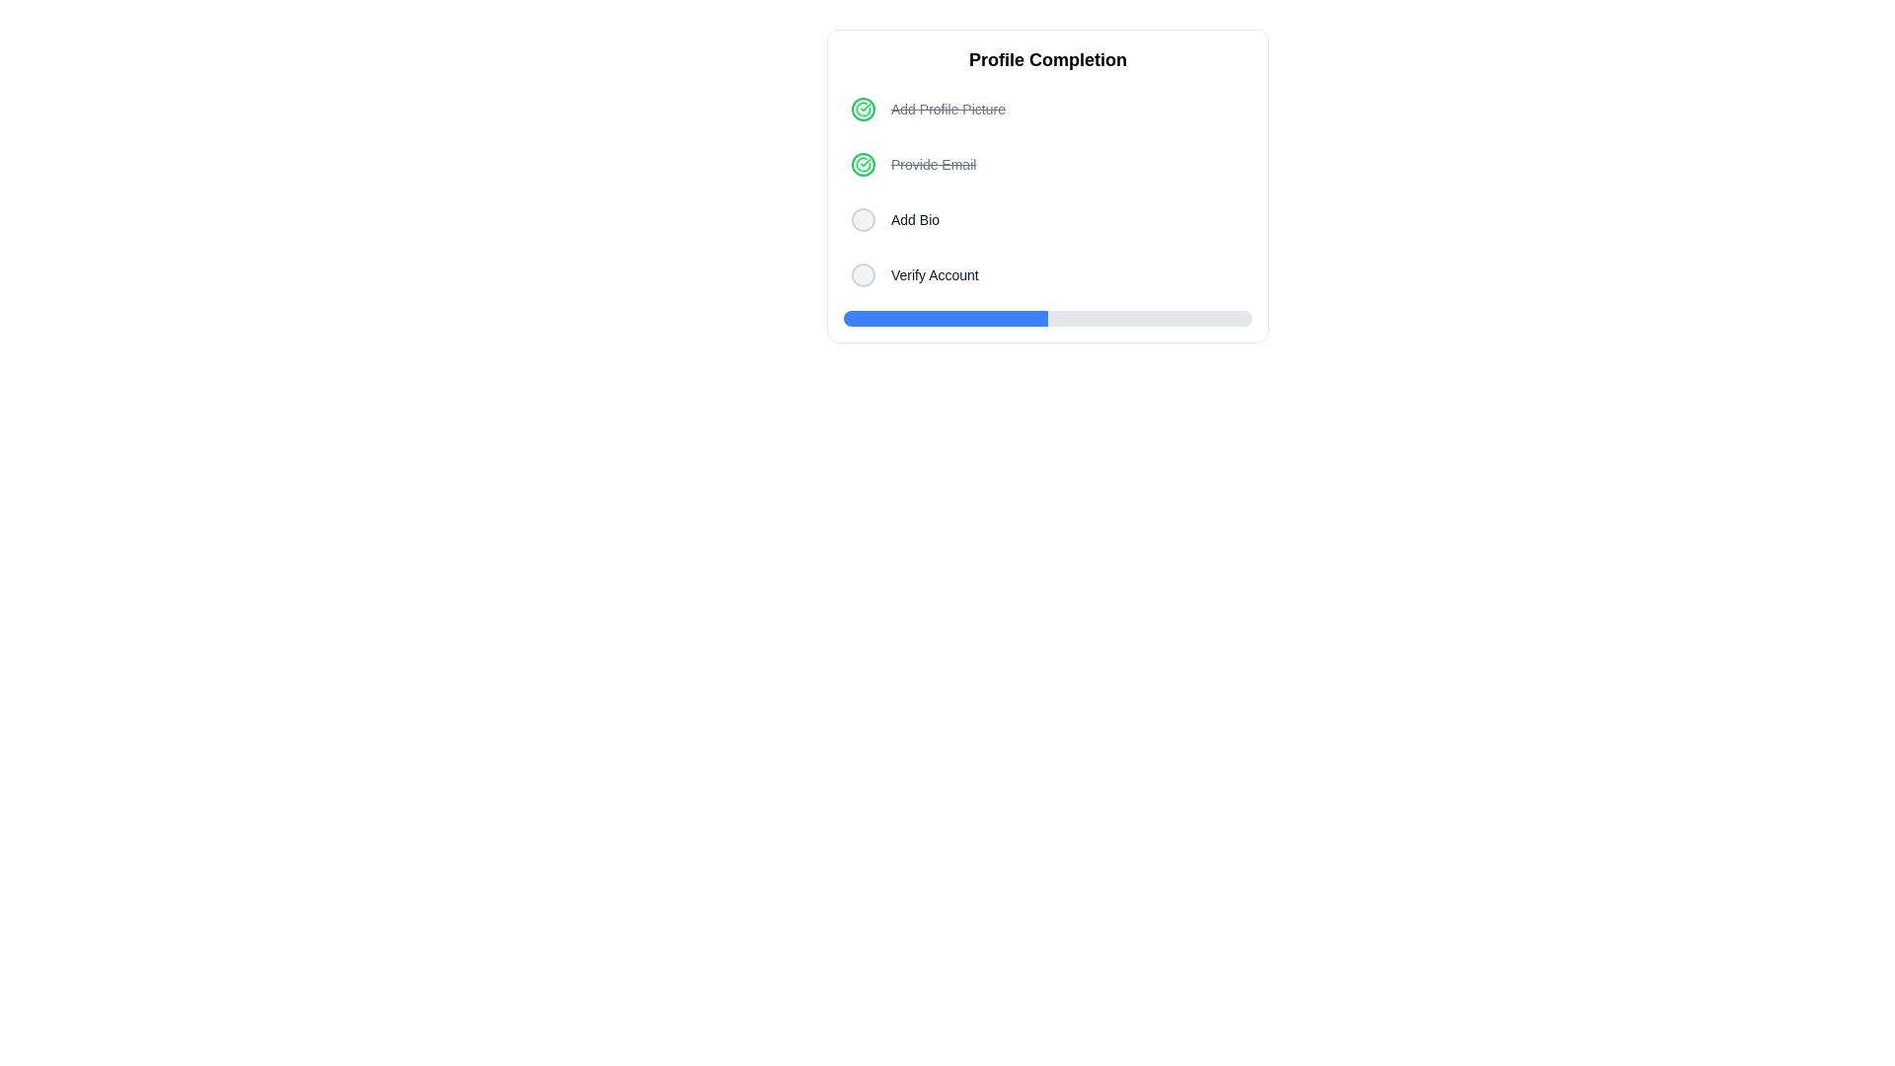 This screenshot has width=1895, height=1066. I want to click on the progress represented by the blue filled portion of the Progress bar located at the bottom of the 'Profile Completion' card, so click(1046, 318).